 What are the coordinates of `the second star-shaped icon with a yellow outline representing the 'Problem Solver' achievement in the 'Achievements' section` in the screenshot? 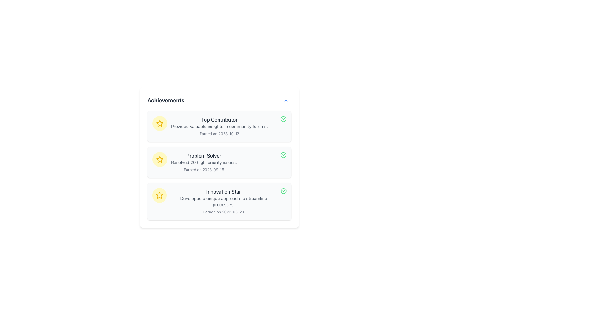 It's located at (160, 123).